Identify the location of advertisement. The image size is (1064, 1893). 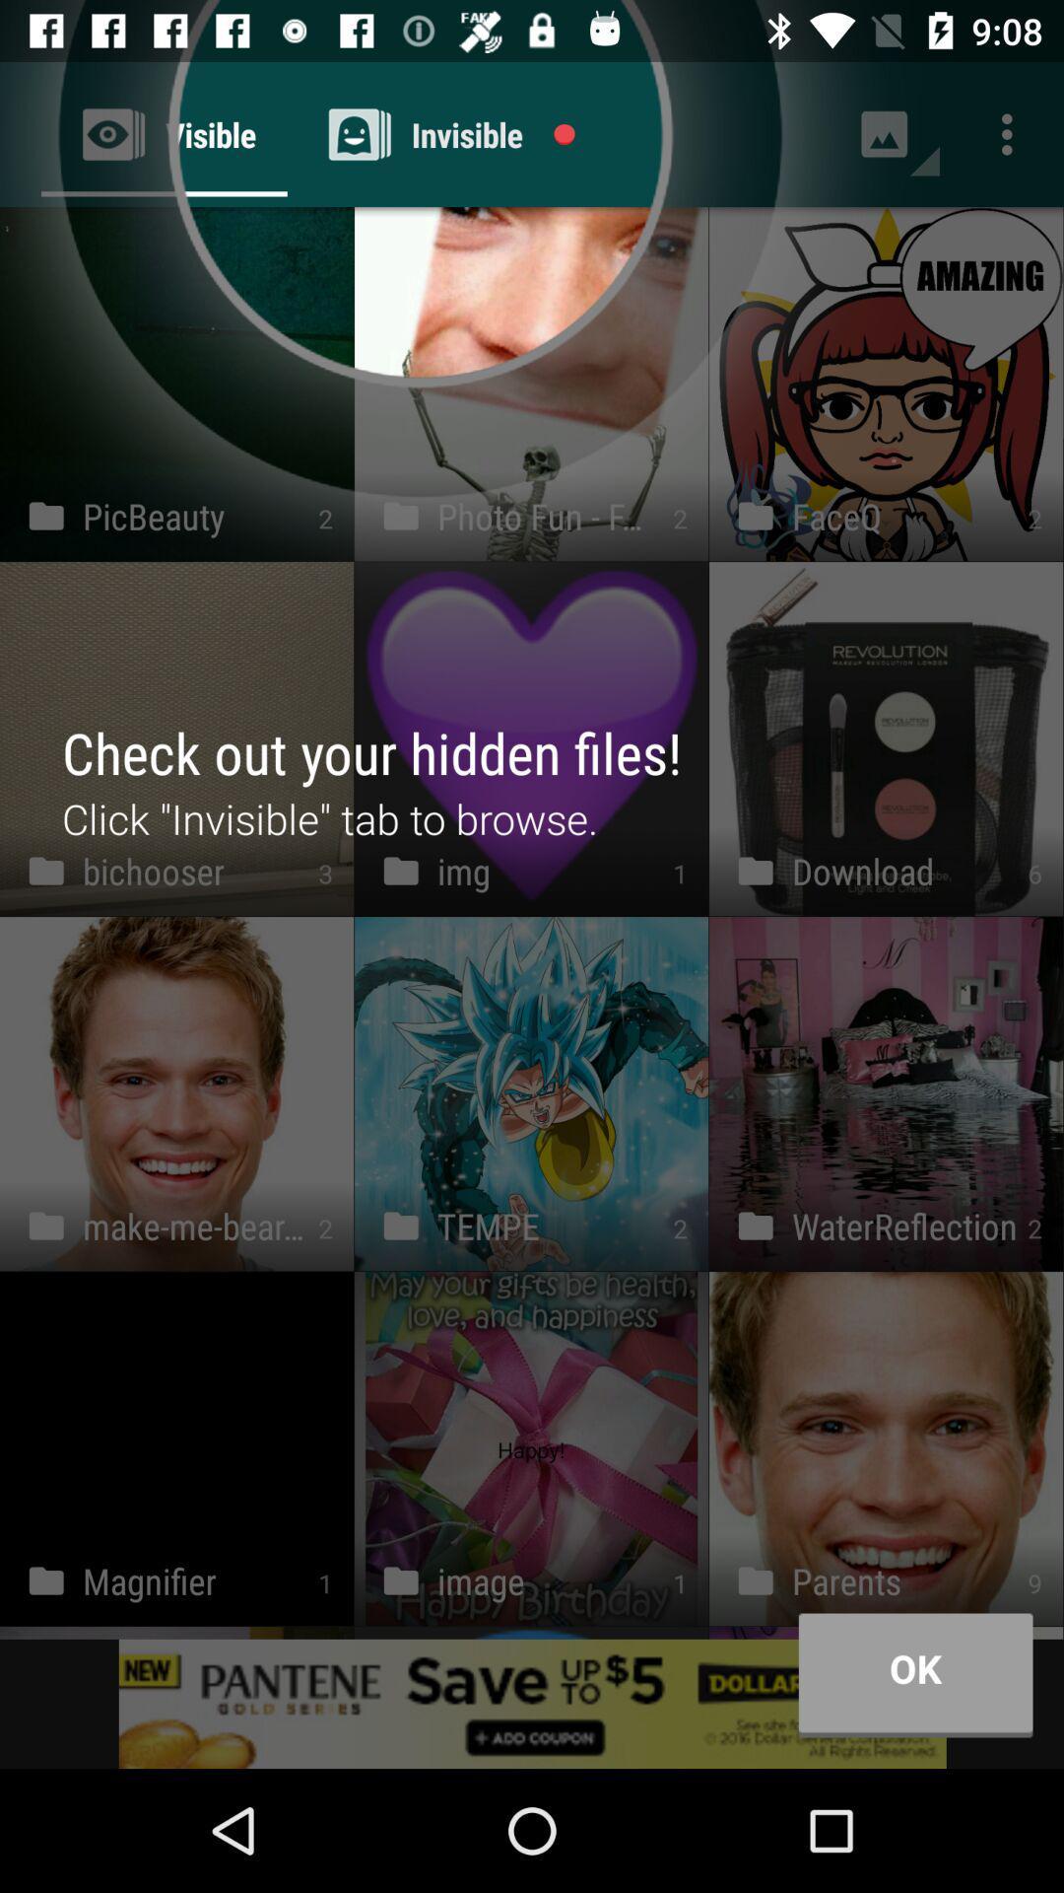
(532, 1703).